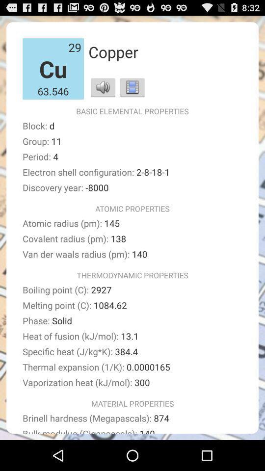  What do you see at coordinates (132, 86) in the screenshot?
I see `app below the copper item` at bounding box center [132, 86].